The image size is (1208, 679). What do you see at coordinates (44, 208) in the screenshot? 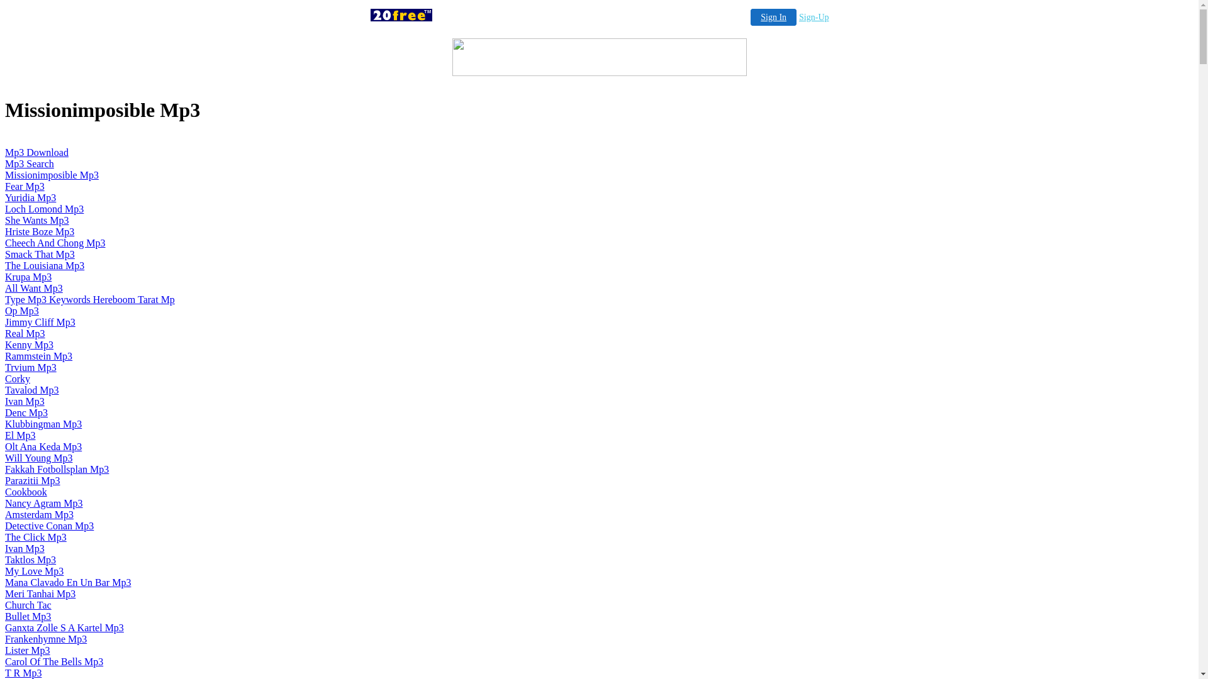
I see `'Loch Lomond Mp3'` at bounding box center [44, 208].